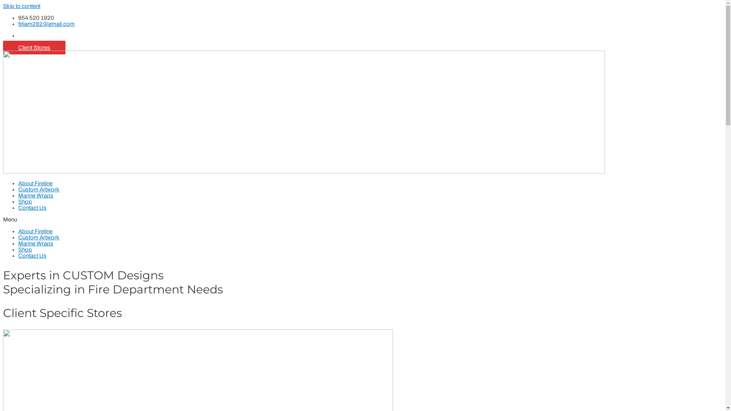 This screenshot has height=411, width=731. Describe the element at coordinates (25, 249) in the screenshot. I see `'Shop'` at that location.